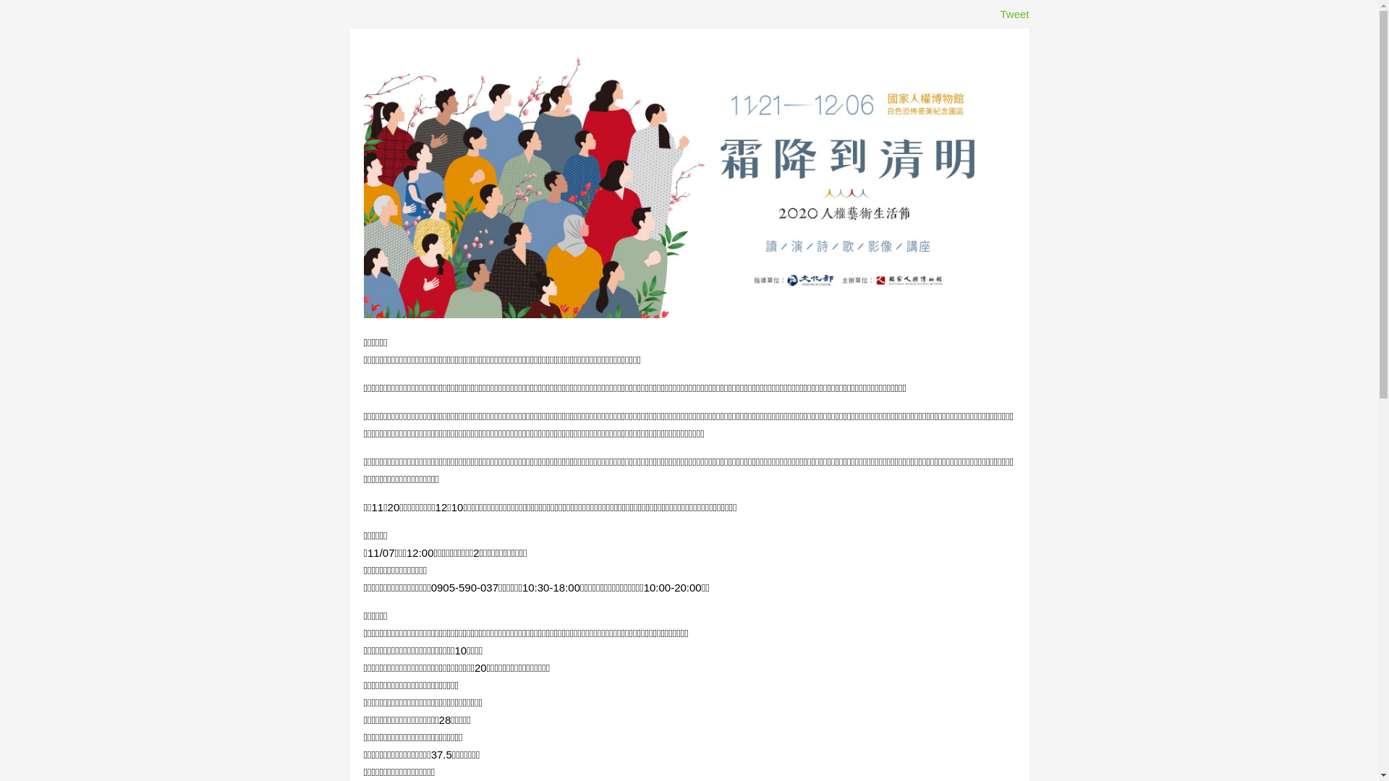  Describe the element at coordinates (1013, 14) in the screenshot. I see `'Tweet'` at that location.